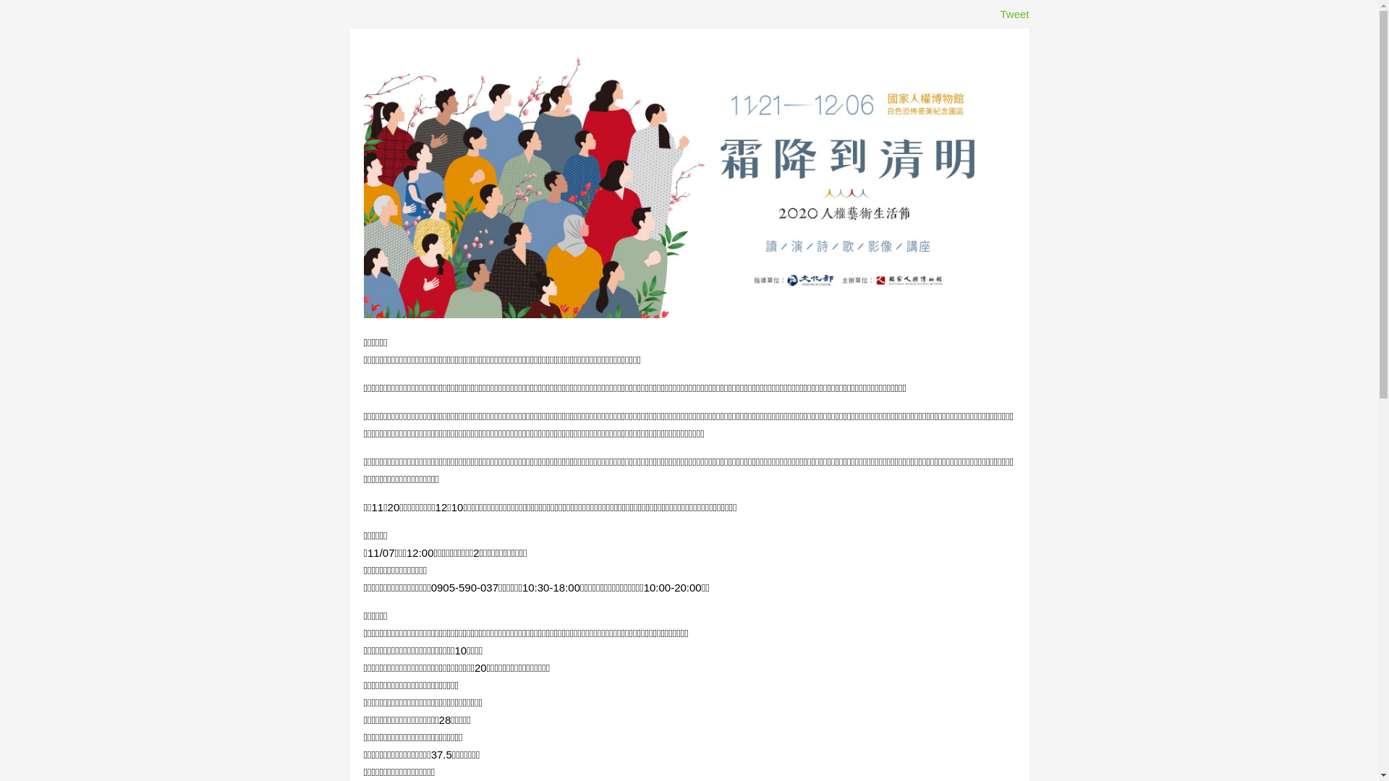  Describe the element at coordinates (1013, 14) in the screenshot. I see `'Tweet'` at that location.